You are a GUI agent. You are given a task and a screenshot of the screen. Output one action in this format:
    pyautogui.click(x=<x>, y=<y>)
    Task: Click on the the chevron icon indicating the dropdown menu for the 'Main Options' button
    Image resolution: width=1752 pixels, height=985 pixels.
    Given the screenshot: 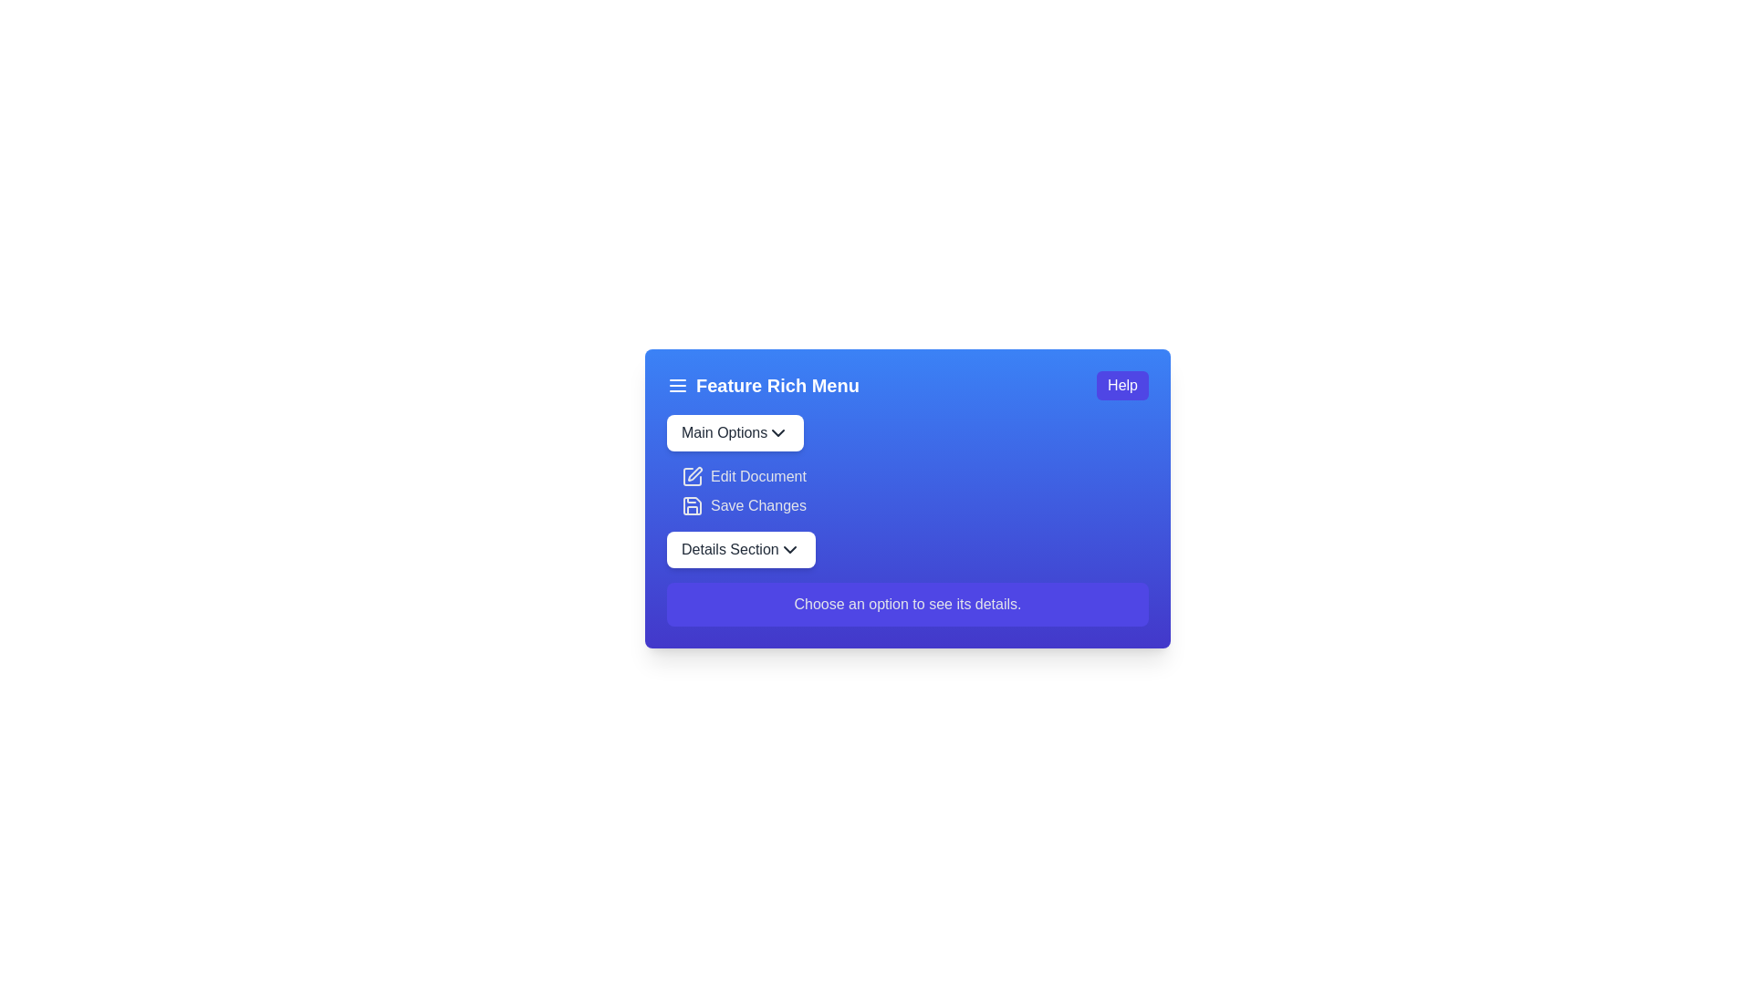 What is the action you would take?
    pyautogui.click(x=778, y=432)
    